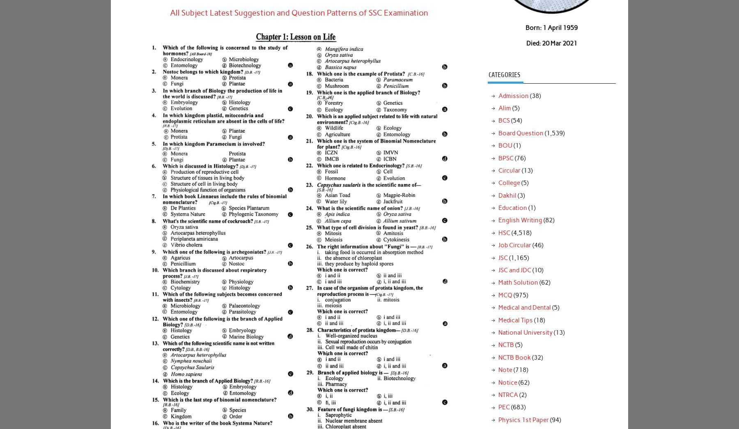 The height and width of the screenshot is (429, 739). What do you see at coordinates (517, 406) in the screenshot?
I see `'(683)'` at bounding box center [517, 406].